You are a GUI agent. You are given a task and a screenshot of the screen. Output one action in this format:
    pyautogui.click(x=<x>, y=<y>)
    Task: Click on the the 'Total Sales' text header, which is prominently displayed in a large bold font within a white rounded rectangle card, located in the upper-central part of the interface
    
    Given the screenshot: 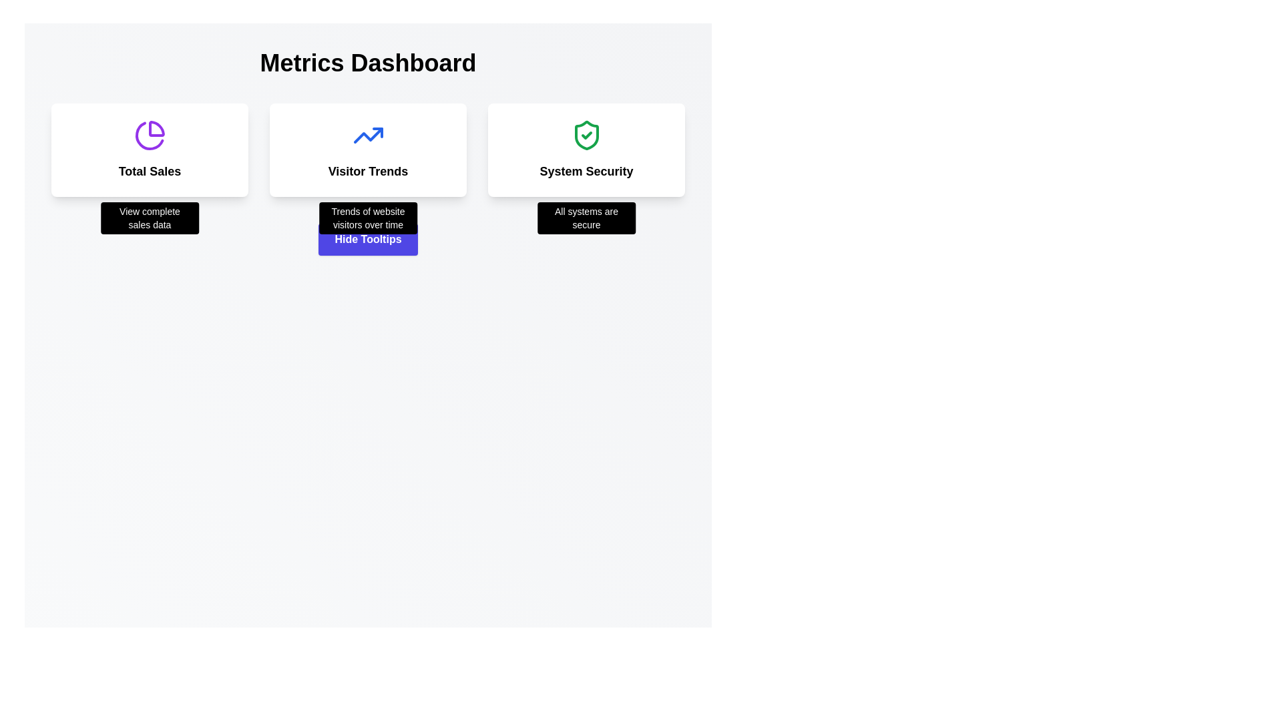 What is the action you would take?
    pyautogui.click(x=150, y=171)
    